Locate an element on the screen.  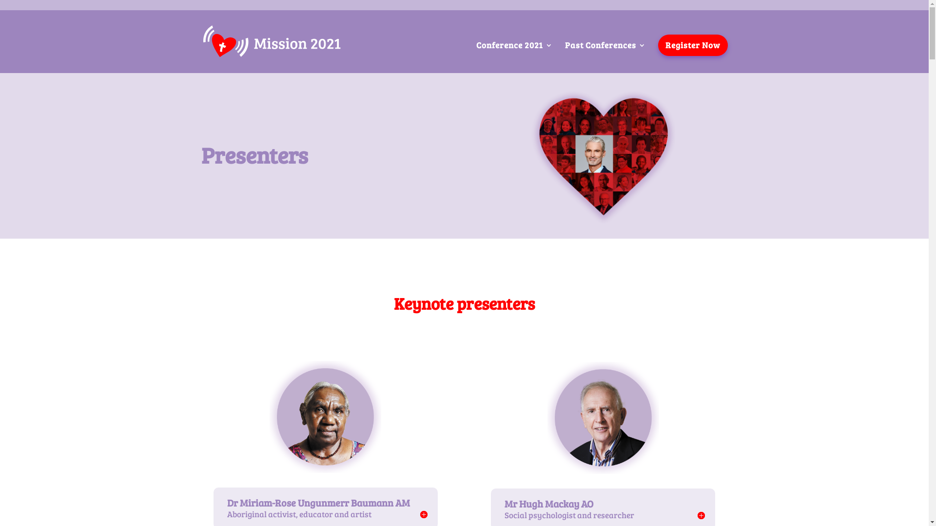
'Heart_red_craig' is located at coordinates (603, 157).